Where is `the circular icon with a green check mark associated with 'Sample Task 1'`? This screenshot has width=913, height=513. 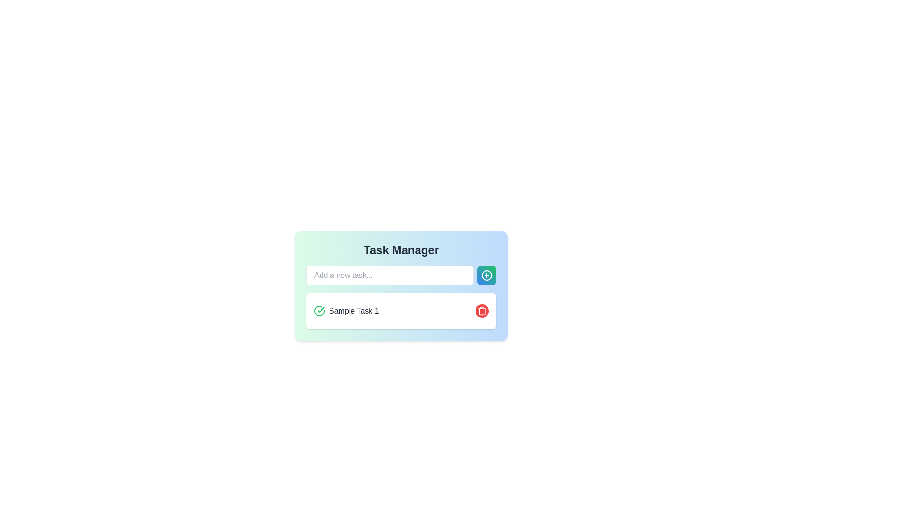
the circular icon with a green check mark associated with 'Sample Task 1' is located at coordinates (320, 311).